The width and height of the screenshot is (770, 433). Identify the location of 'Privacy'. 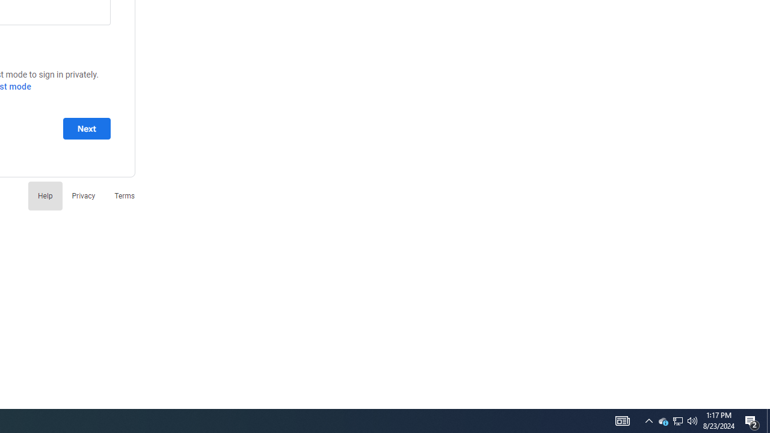
(82, 195).